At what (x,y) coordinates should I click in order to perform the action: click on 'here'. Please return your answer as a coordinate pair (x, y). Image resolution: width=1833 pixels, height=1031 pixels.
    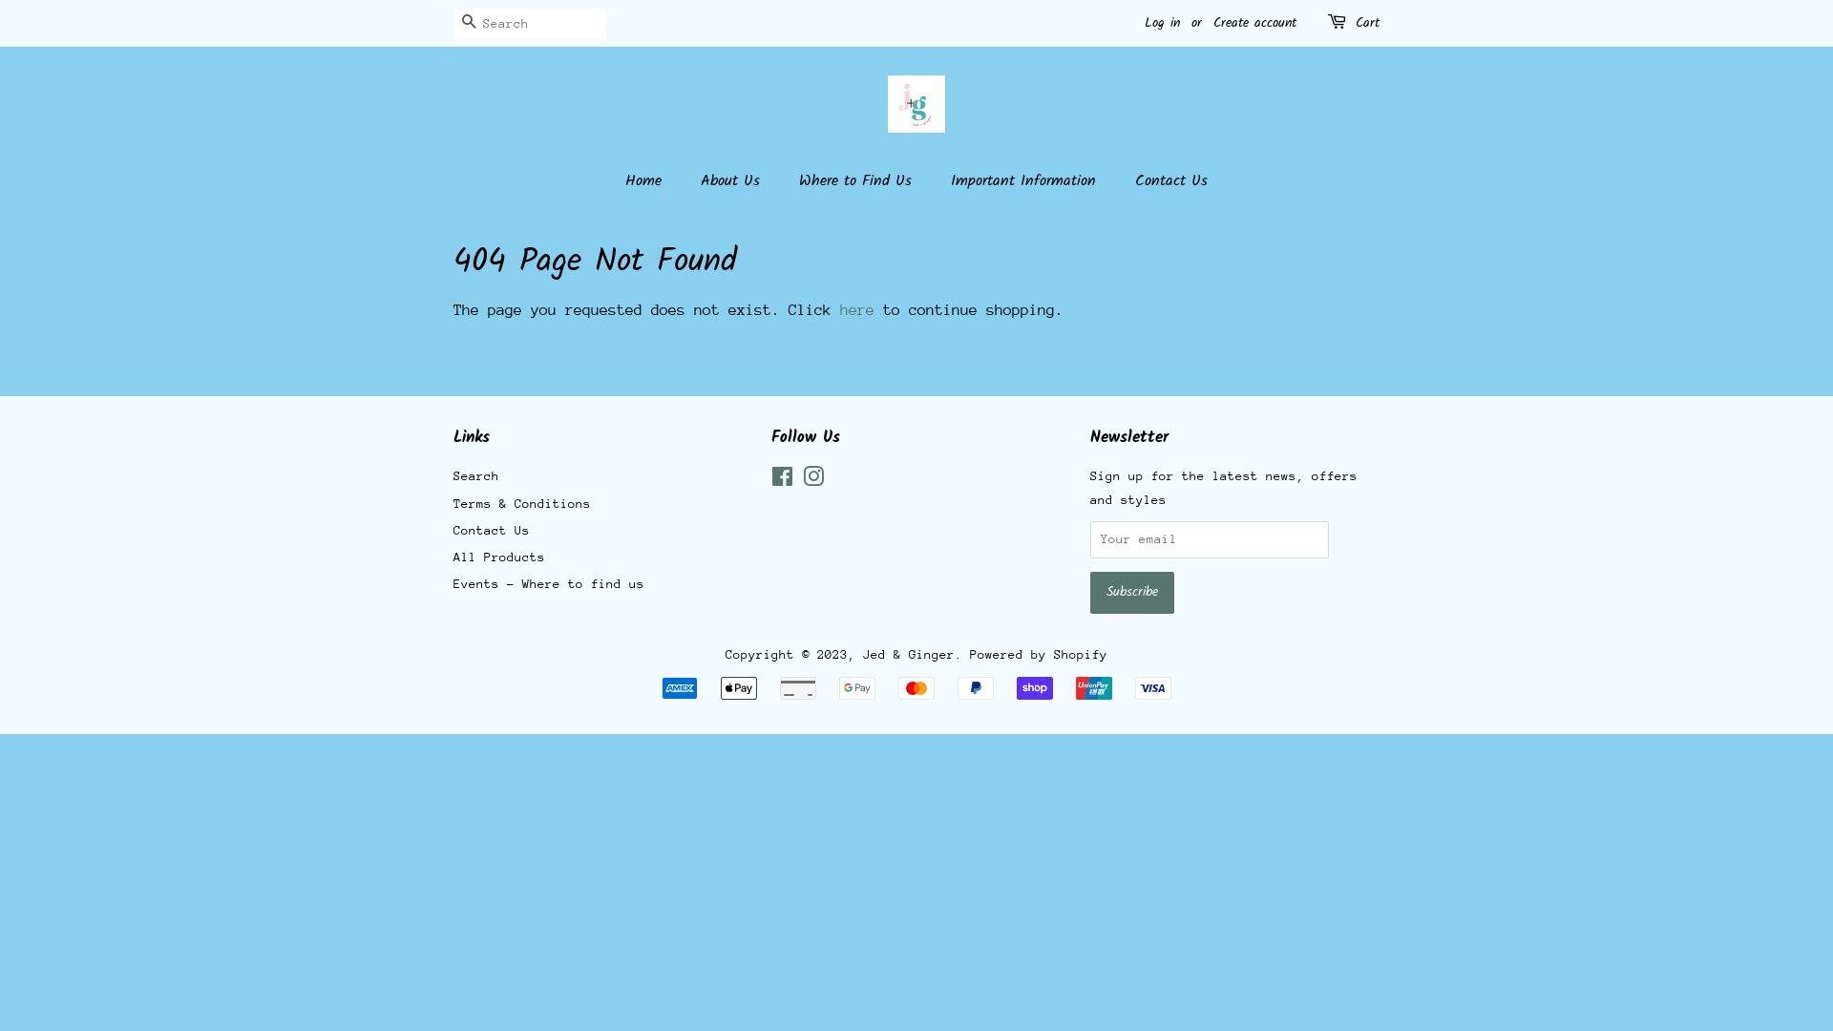
    Looking at the image, I should click on (855, 308).